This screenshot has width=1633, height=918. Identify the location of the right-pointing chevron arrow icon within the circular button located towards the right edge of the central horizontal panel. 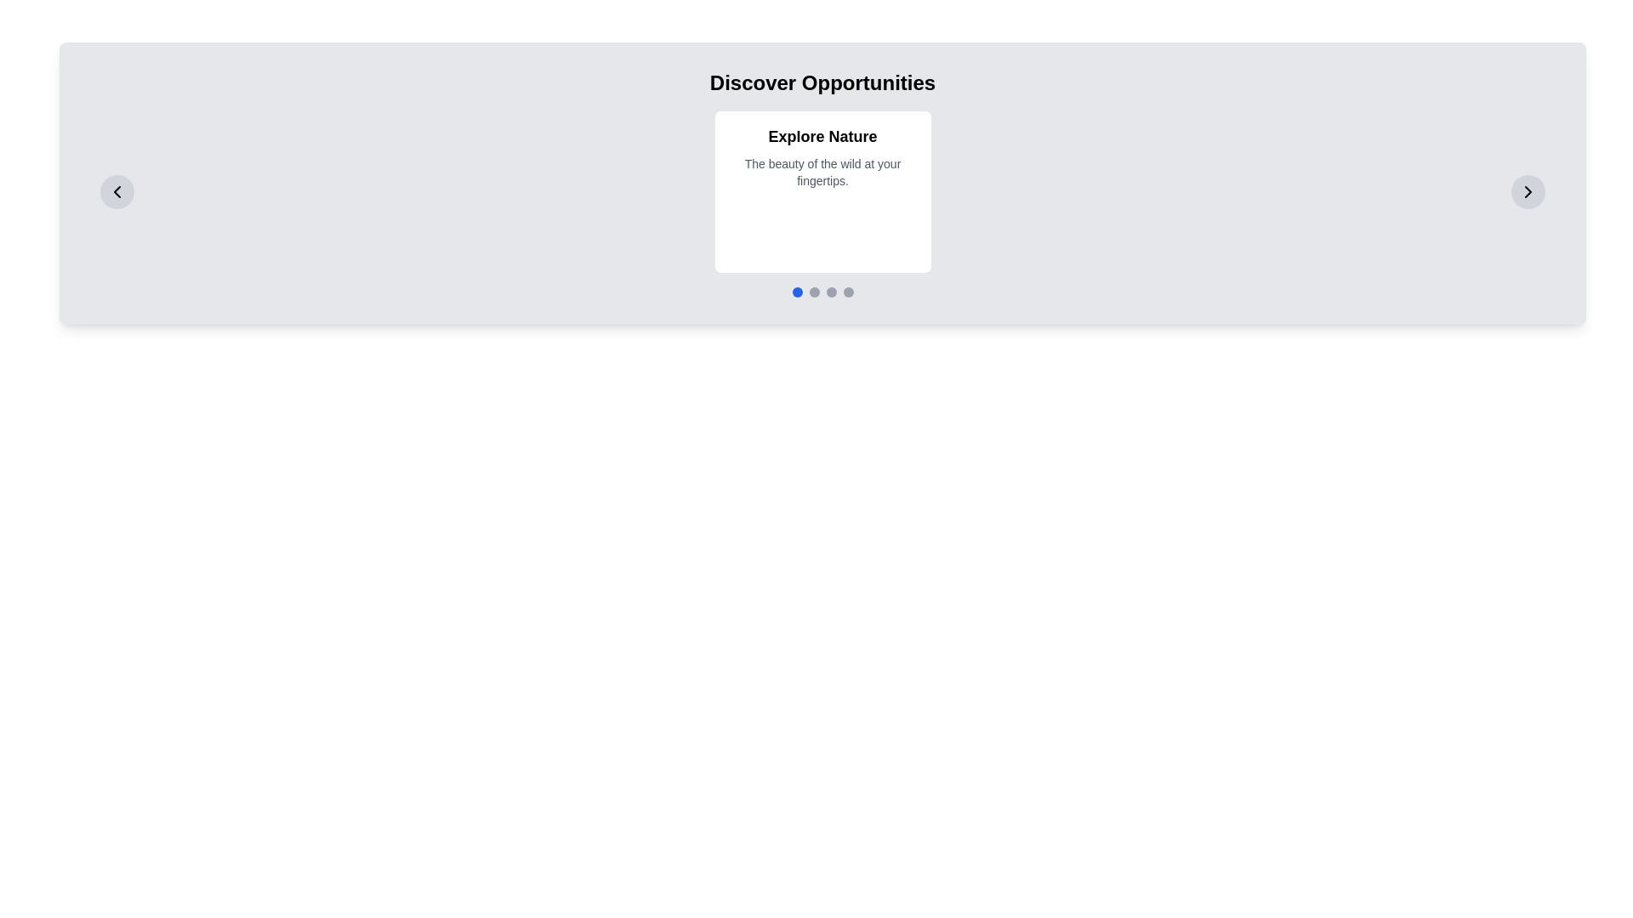
(1528, 191).